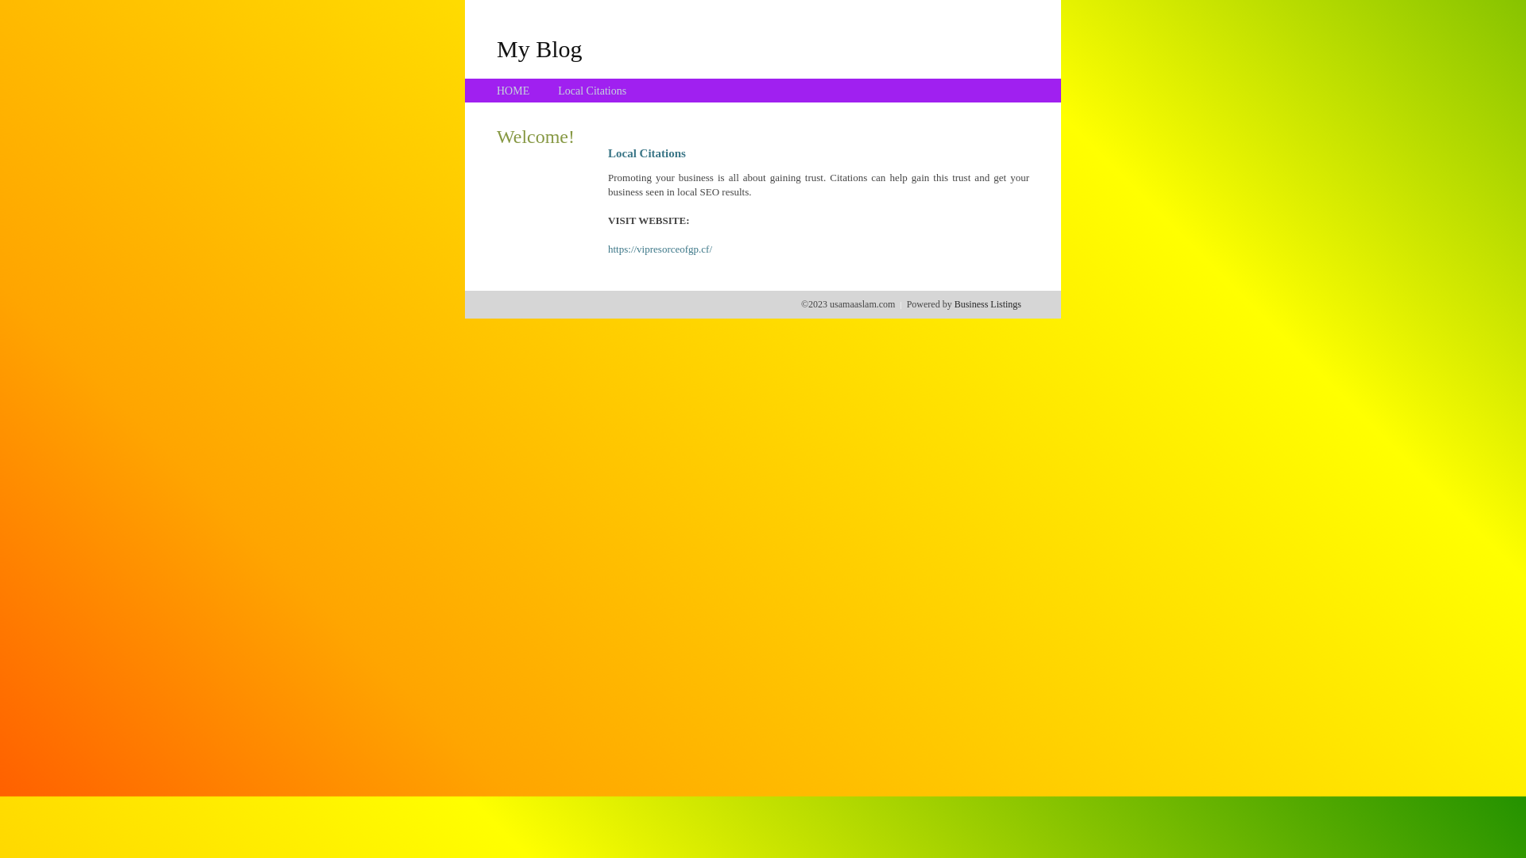 Image resolution: width=1526 pixels, height=858 pixels. Describe the element at coordinates (660, 249) in the screenshot. I see `'https://vipresorceofgp.cf/'` at that location.